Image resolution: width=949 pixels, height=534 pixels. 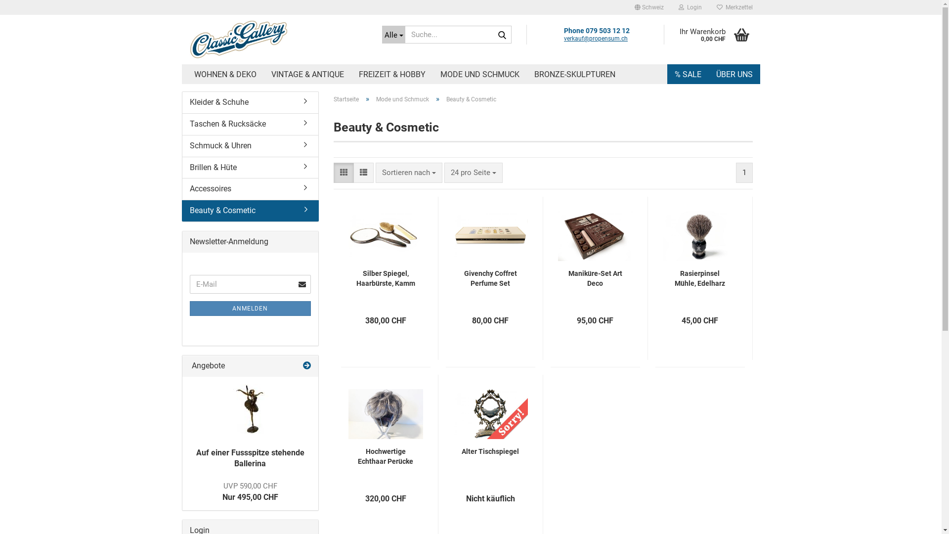 I want to click on 'ANMELDEN', so click(x=190, y=308).